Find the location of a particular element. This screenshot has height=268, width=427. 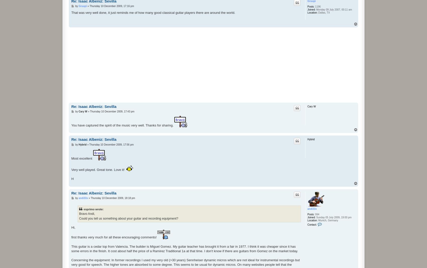

'Thursday 10 December 2009, 17:56 pm' is located at coordinates (111, 144).